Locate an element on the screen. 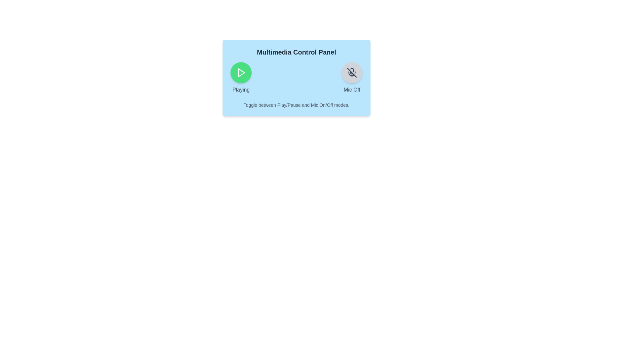 This screenshot has width=634, height=357. the mic button to toggle the microphone state is located at coordinates (351, 72).